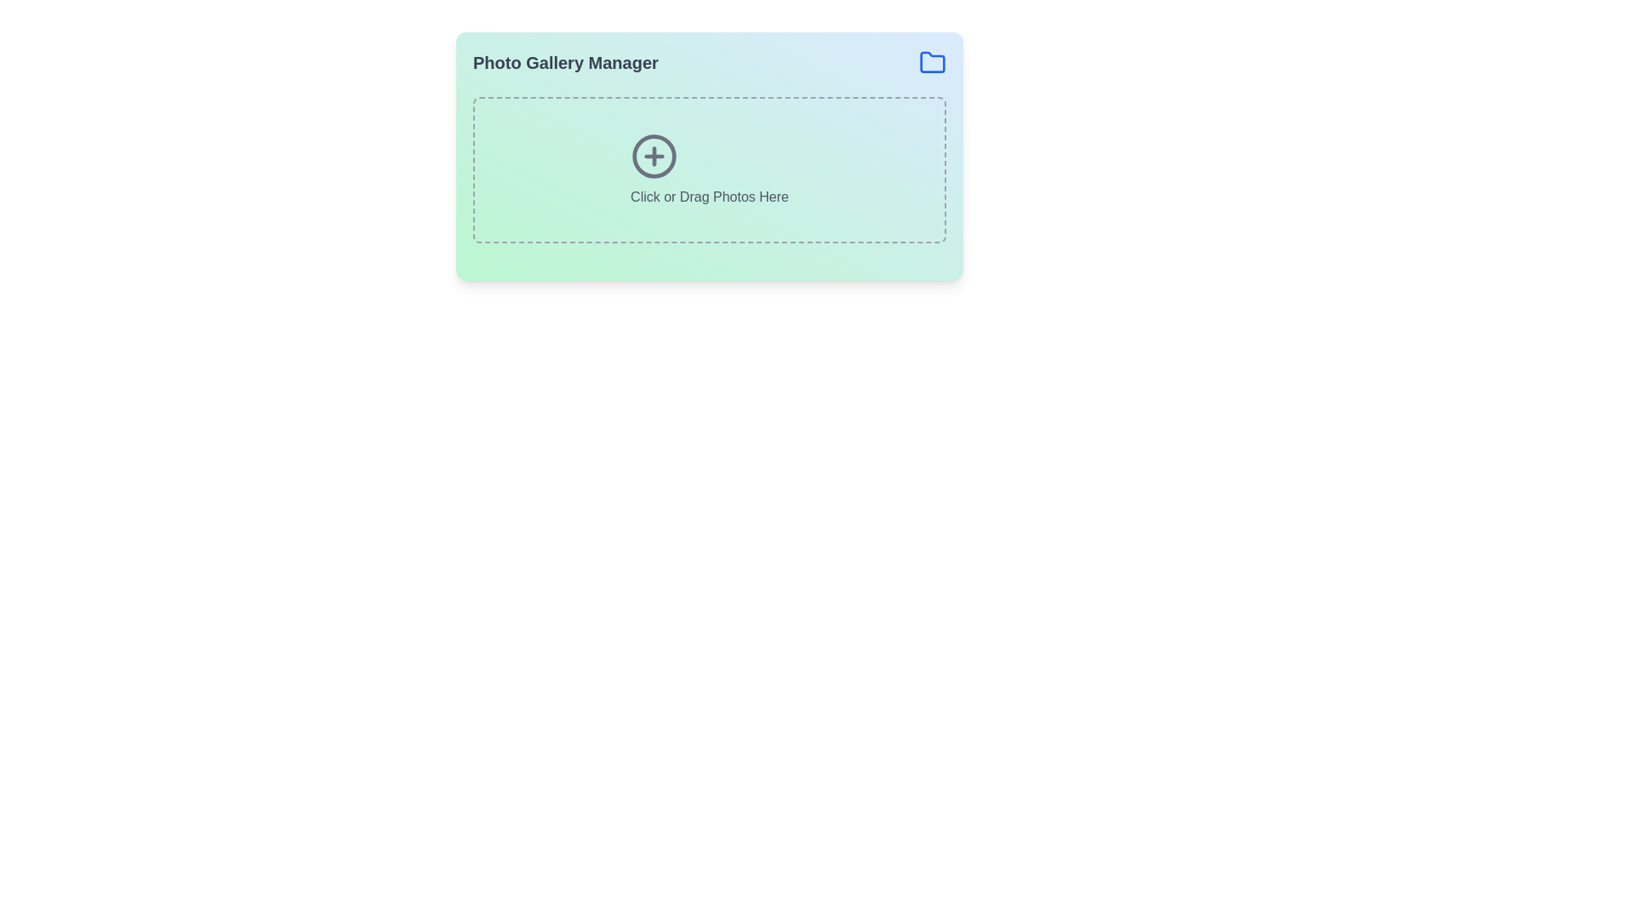 This screenshot has width=1634, height=919. What do you see at coordinates (710, 196) in the screenshot?
I see `the text label displaying 'Click or Drag Photos Here' which is styled with a gray font color in a light-colored rectangular area` at bounding box center [710, 196].